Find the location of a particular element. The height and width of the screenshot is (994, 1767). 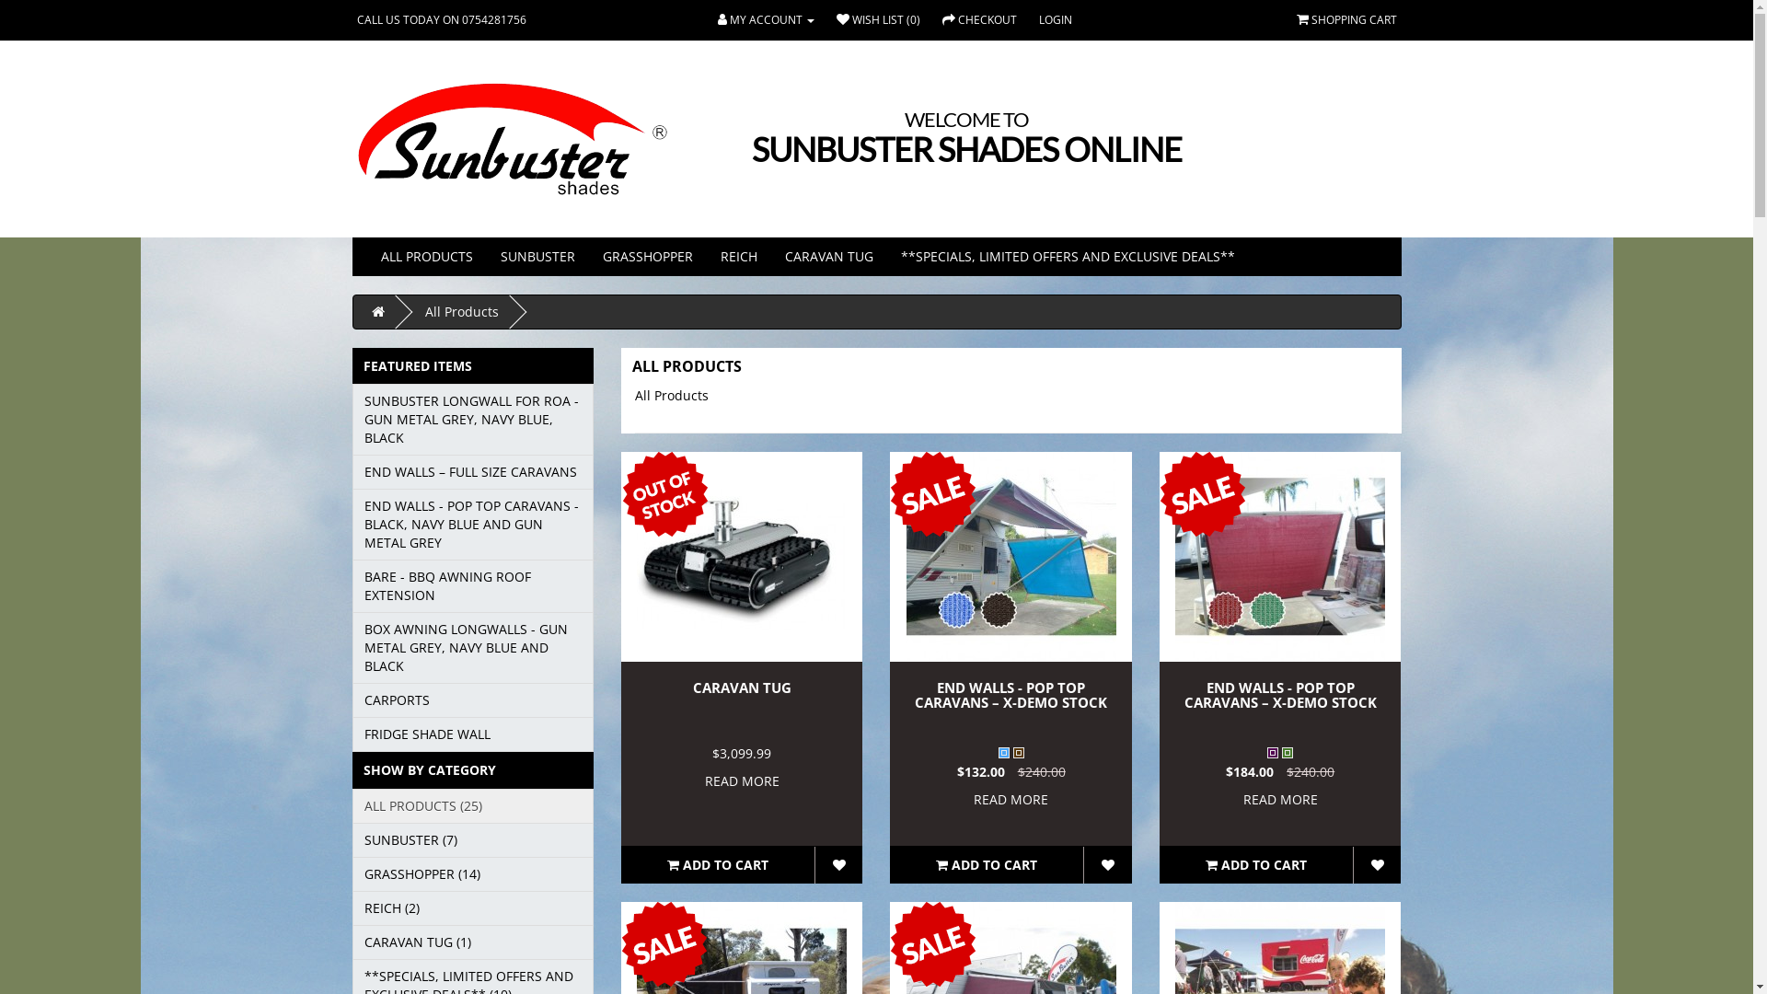

'ALL PRODUCTS' is located at coordinates (424, 256).